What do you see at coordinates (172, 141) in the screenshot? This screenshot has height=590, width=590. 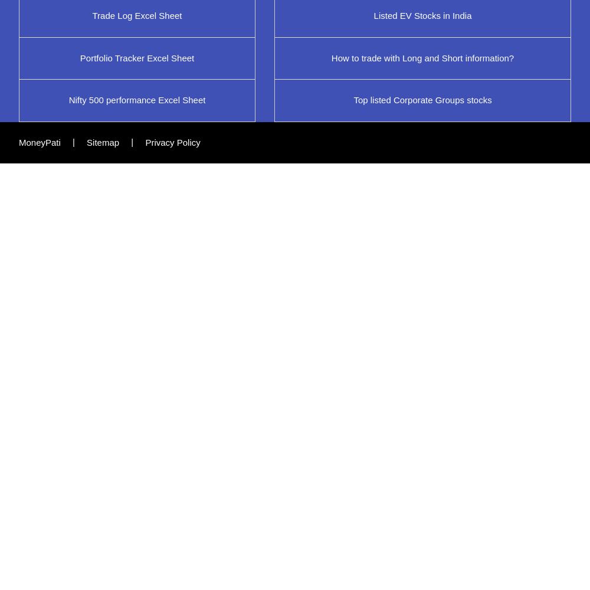 I see `'Privacy Policy'` at bounding box center [172, 141].